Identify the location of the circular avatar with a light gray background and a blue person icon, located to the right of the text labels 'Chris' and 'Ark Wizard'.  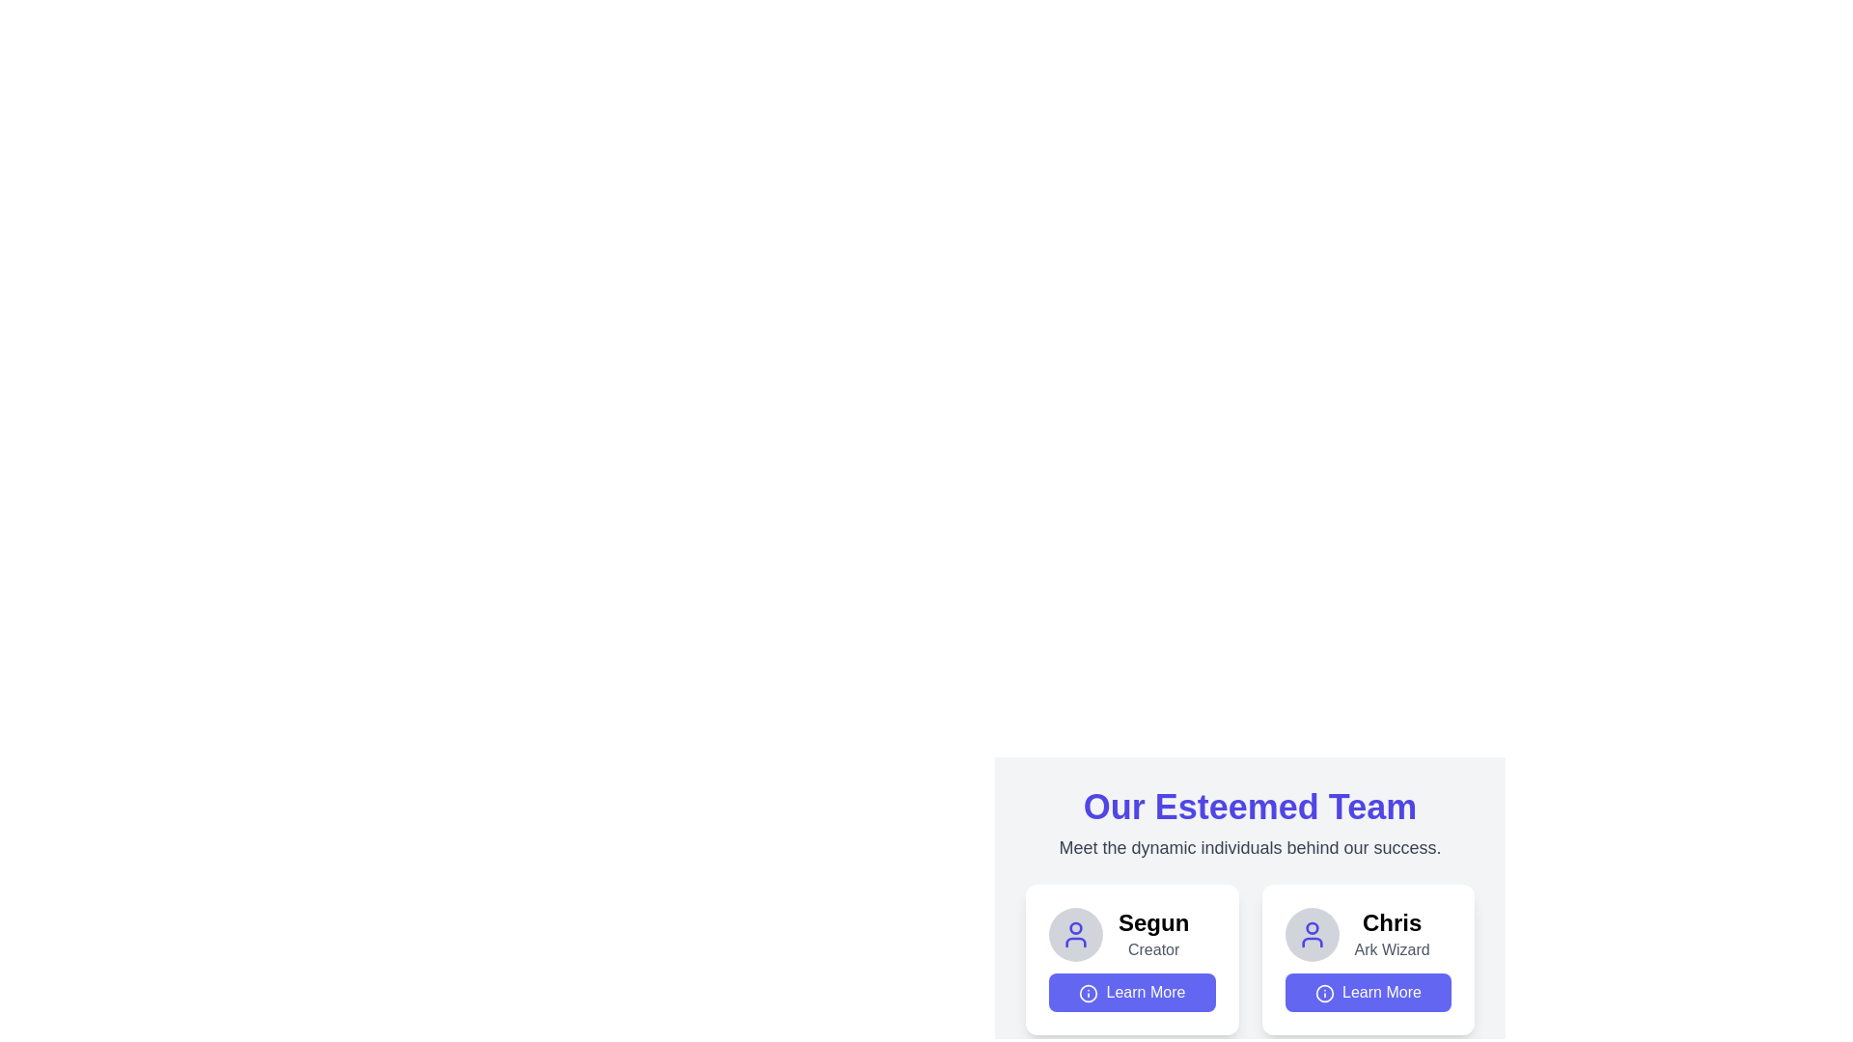
(1312, 933).